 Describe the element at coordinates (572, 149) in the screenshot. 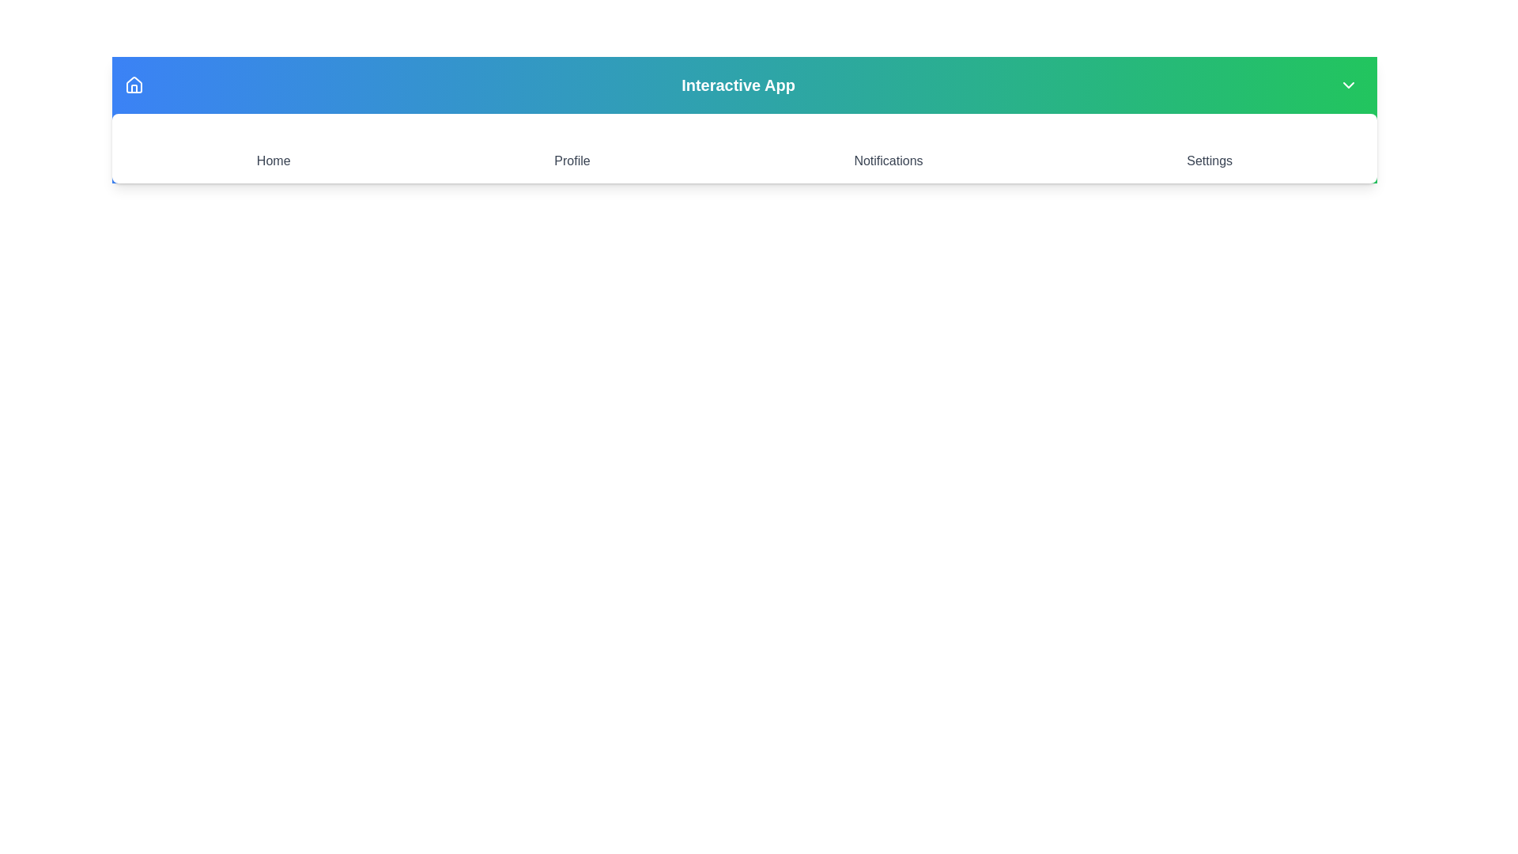

I see `the Profile icon to navigate to the corresponding section` at that location.